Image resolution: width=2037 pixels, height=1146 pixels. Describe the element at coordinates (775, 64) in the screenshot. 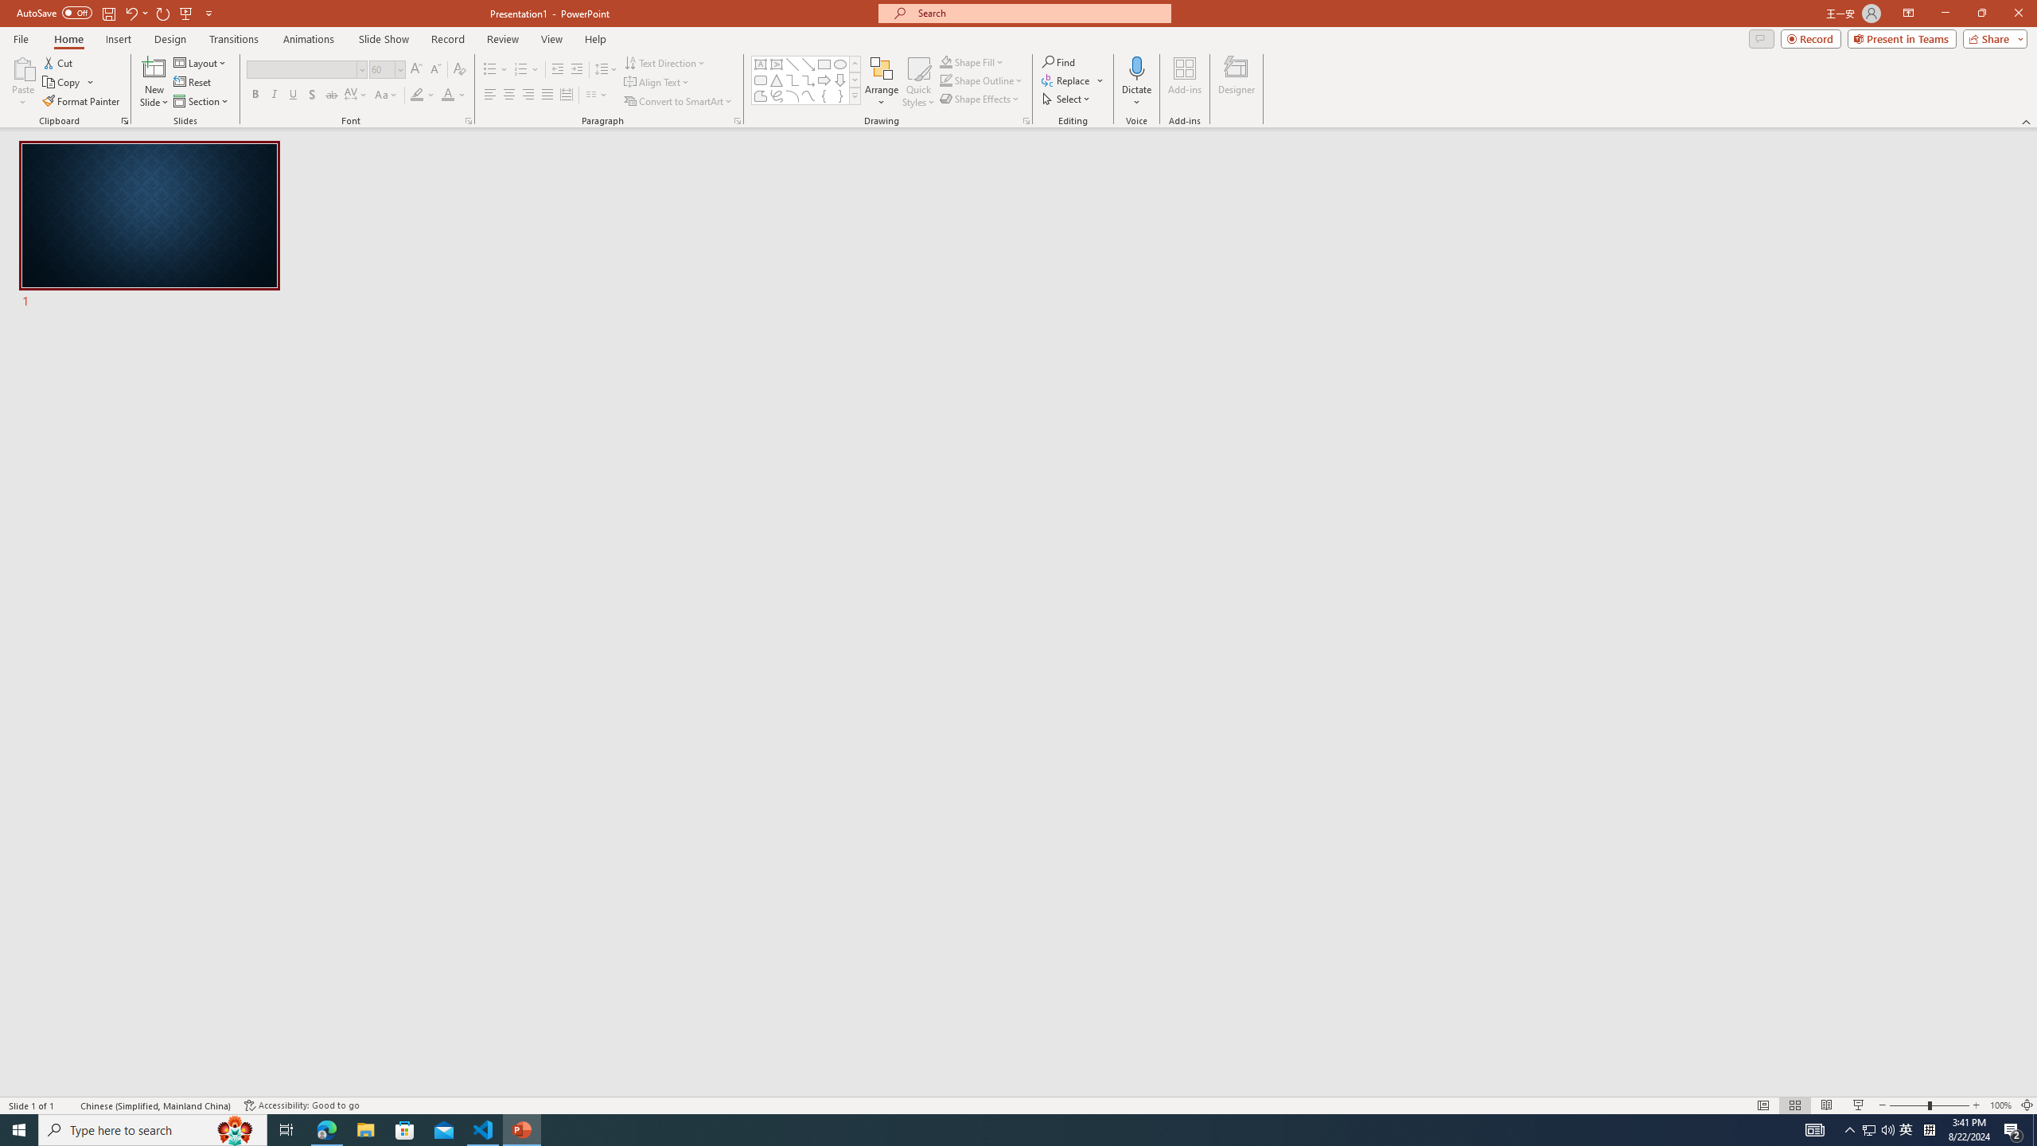

I see `'Vertical Text Box'` at that location.